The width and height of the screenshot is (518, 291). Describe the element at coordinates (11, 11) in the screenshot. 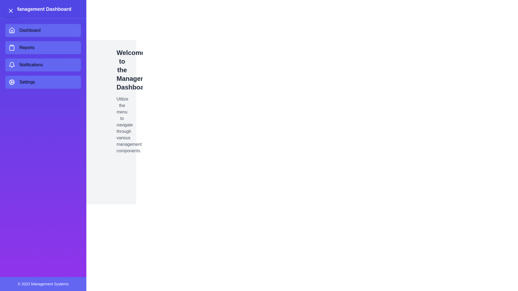

I see `the Icon in the top-left corner of the Management Dashboard sidebar header, which serves as a visual element, potentially a close or cancel button` at that location.